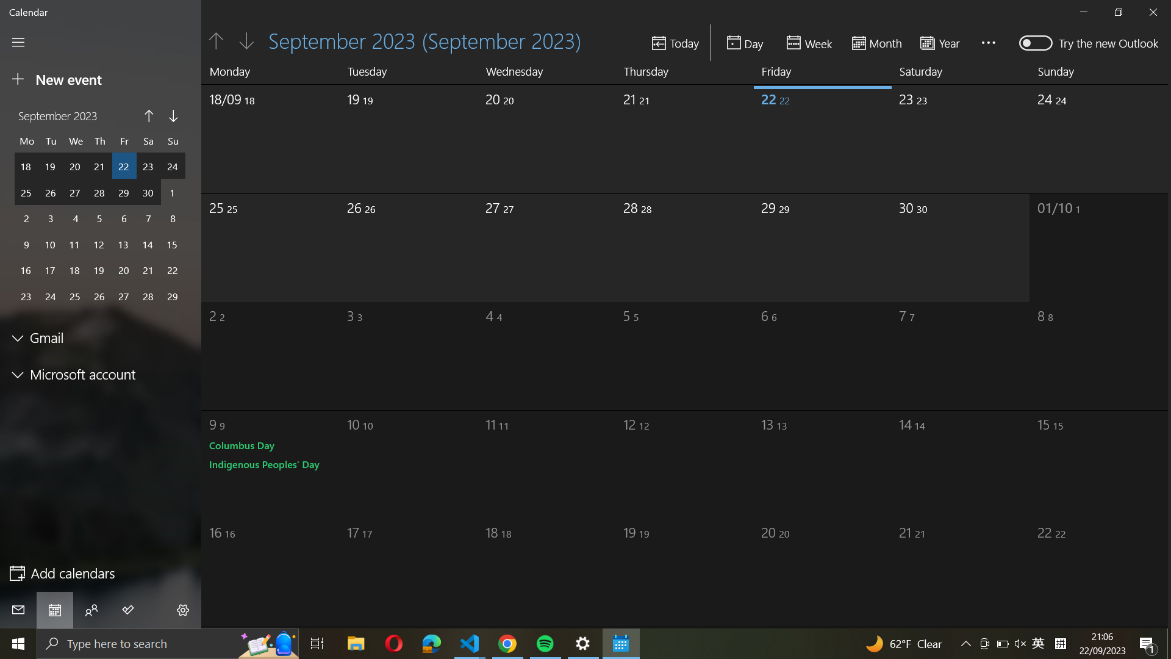  Describe the element at coordinates (242, 445) in the screenshot. I see `new features on Columbus Day interface` at that location.